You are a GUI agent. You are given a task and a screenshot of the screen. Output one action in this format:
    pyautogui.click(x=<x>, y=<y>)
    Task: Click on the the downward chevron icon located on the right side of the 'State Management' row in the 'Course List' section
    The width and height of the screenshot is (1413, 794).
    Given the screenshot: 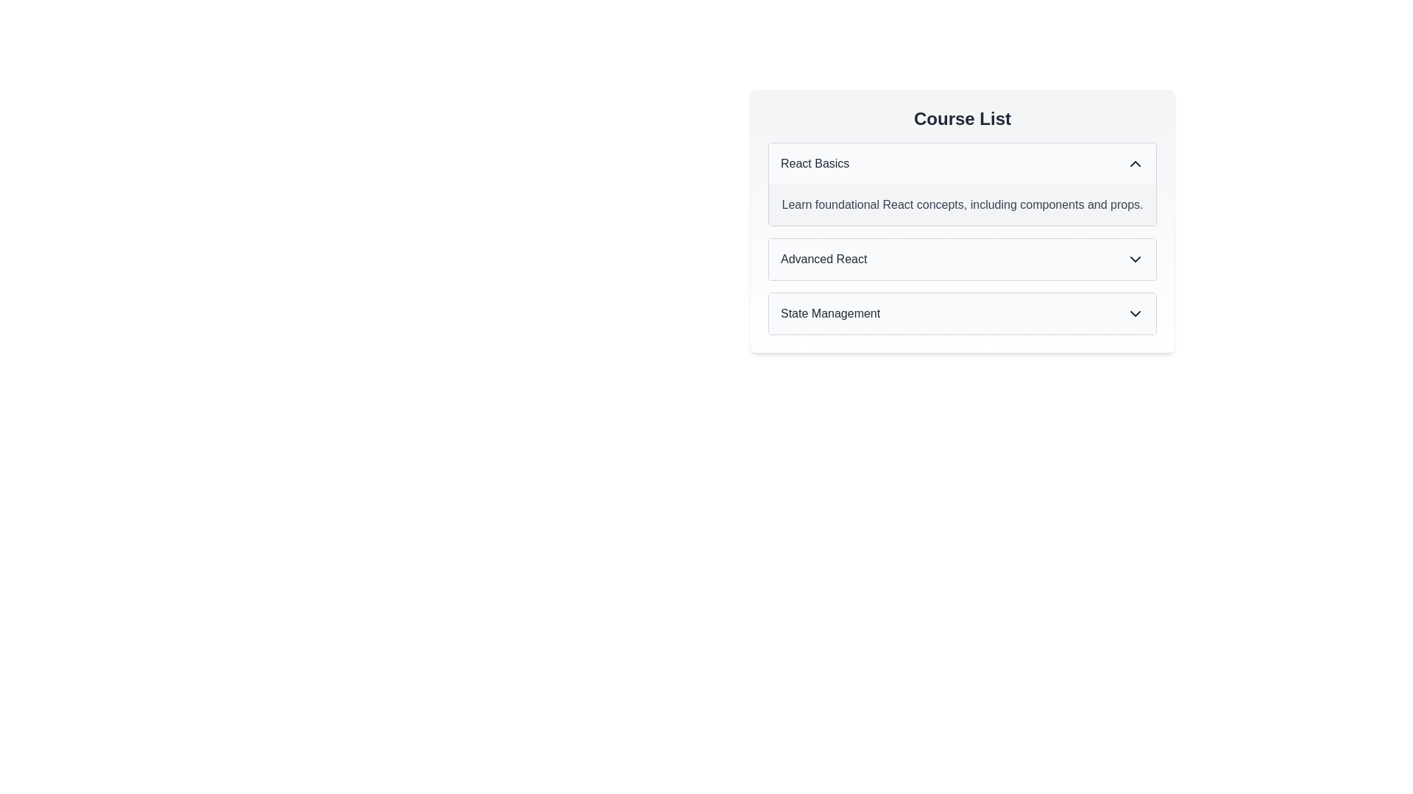 What is the action you would take?
    pyautogui.click(x=1134, y=313)
    